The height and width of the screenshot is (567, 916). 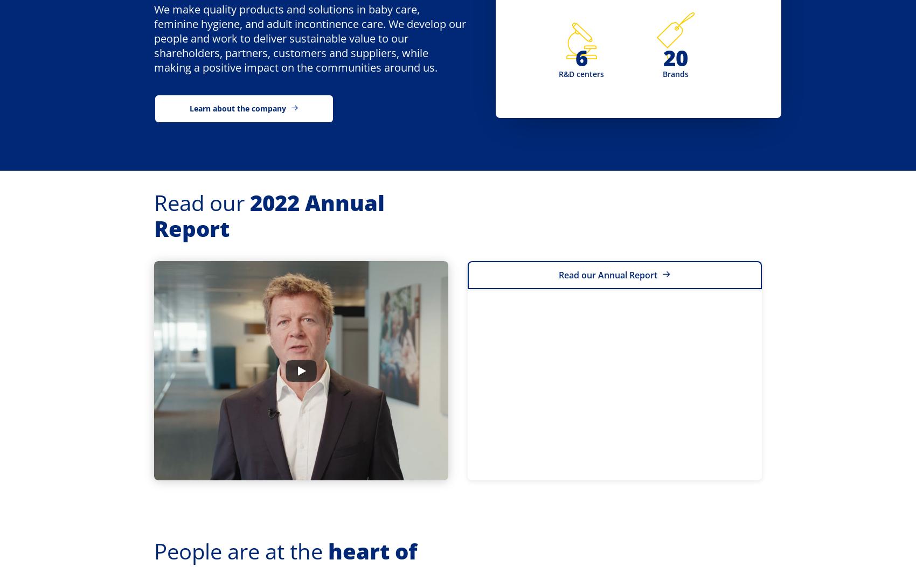 What do you see at coordinates (662, 57) in the screenshot?
I see `'20'` at bounding box center [662, 57].